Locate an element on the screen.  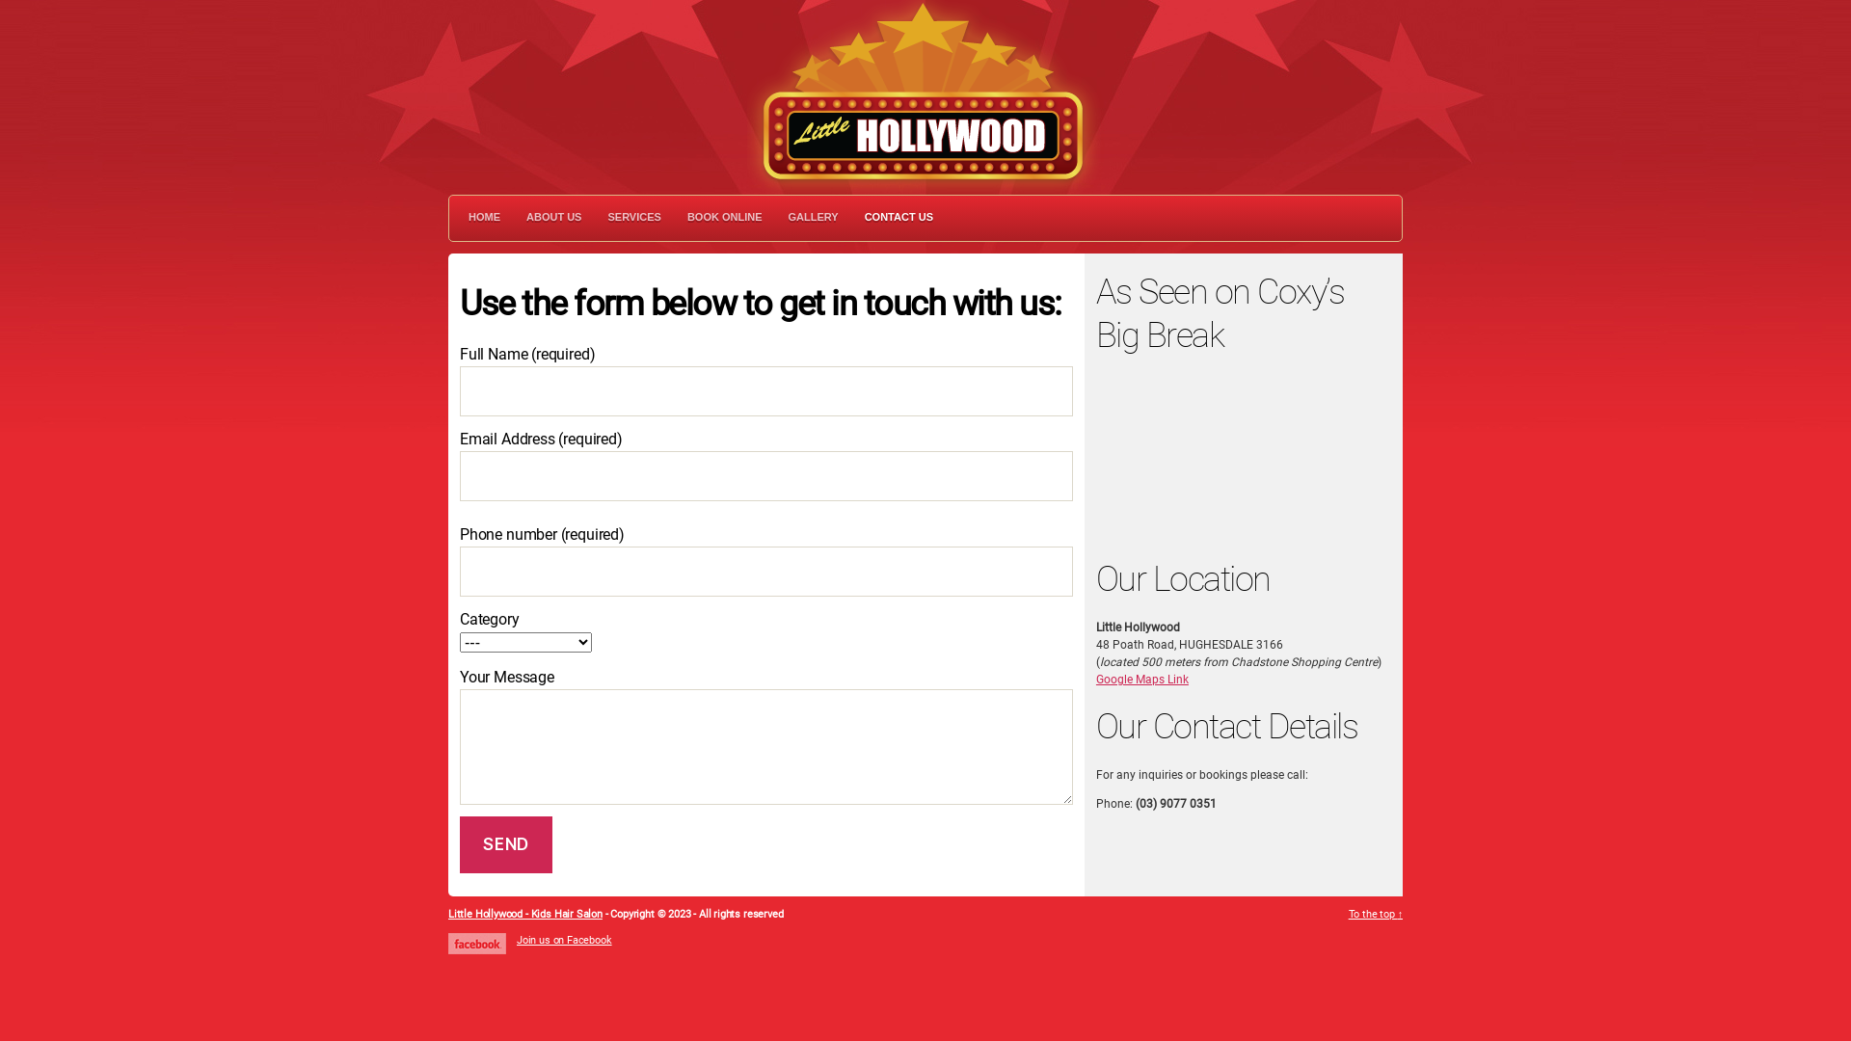
'HOME' is located at coordinates (484, 217).